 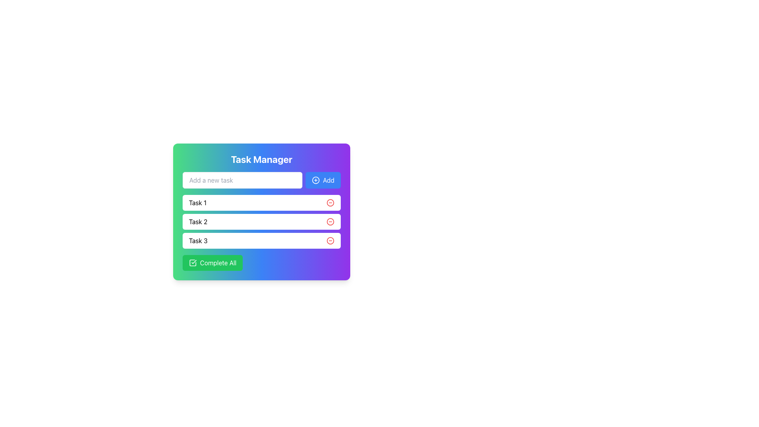 I want to click on the task name by clicking on the first task item in the Task Manager section, which is located below the 'Add a new task' input field and above 'Task 2', so click(x=262, y=202).